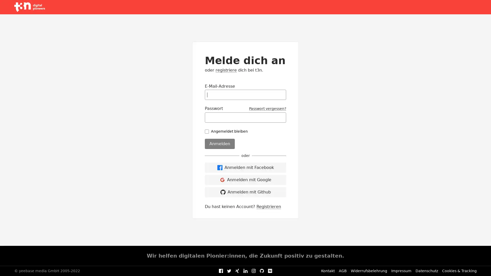 Image resolution: width=491 pixels, height=276 pixels. Describe the element at coordinates (245, 167) in the screenshot. I see `Anmelden mit Facebook` at that location.